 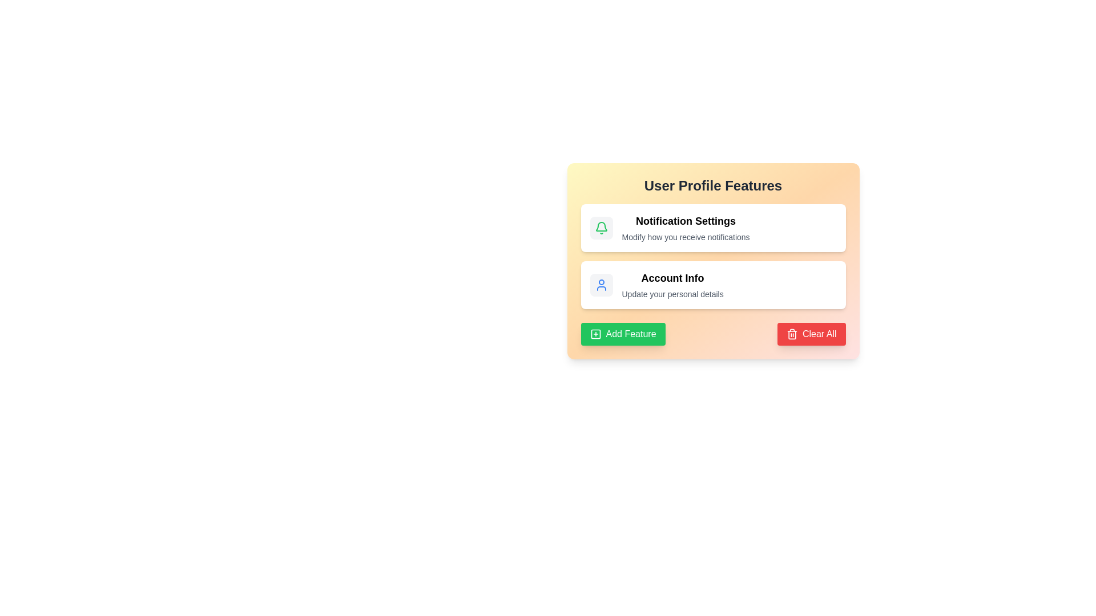 I want to click on text label that is styled in gray color and located below the 'Notification Settings' heading in the card layout, so click(x=685, y=237).